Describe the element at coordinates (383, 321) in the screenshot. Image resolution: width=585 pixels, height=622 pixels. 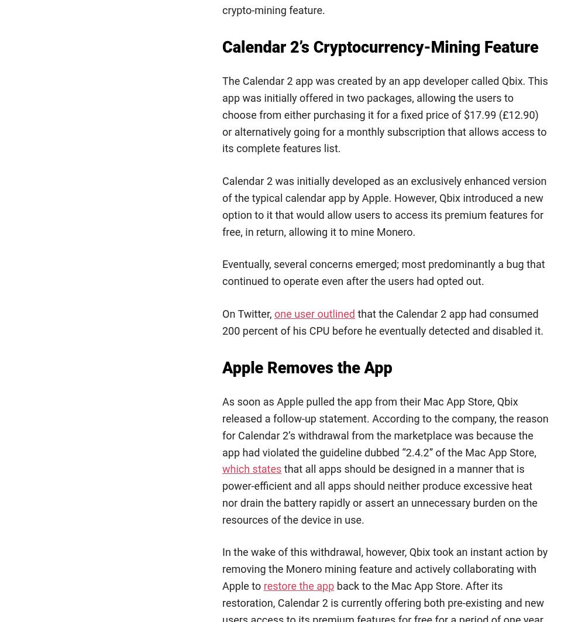
I see `'that the Calendar 2 app had consumed 200 percent of his CPU before he eventually detected and disabled it.'` at that location.